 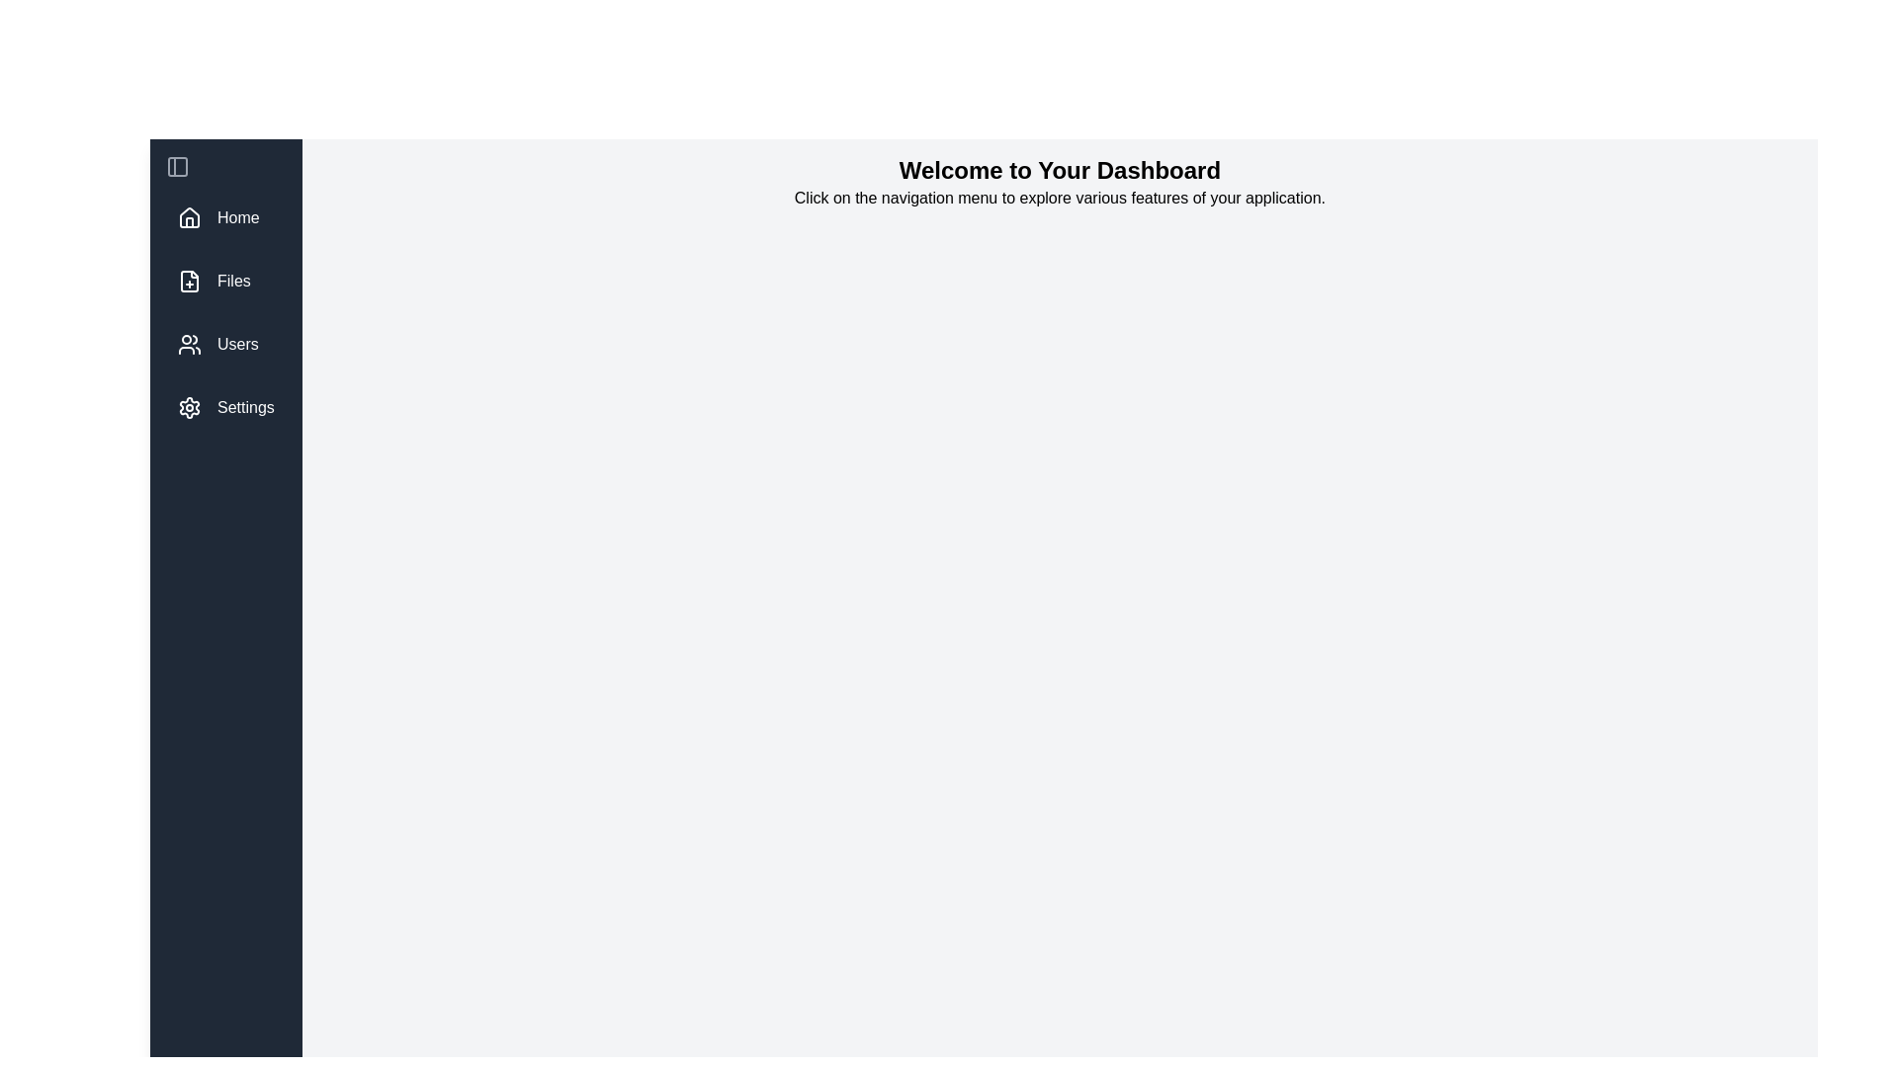 What do you see at coordinates (1059, 170) in the screenshot?
I see `the bold, large-font header text displaying 'Welcome to Your Dashboard' located at the top of the page` at bounding box center [1059, 170].